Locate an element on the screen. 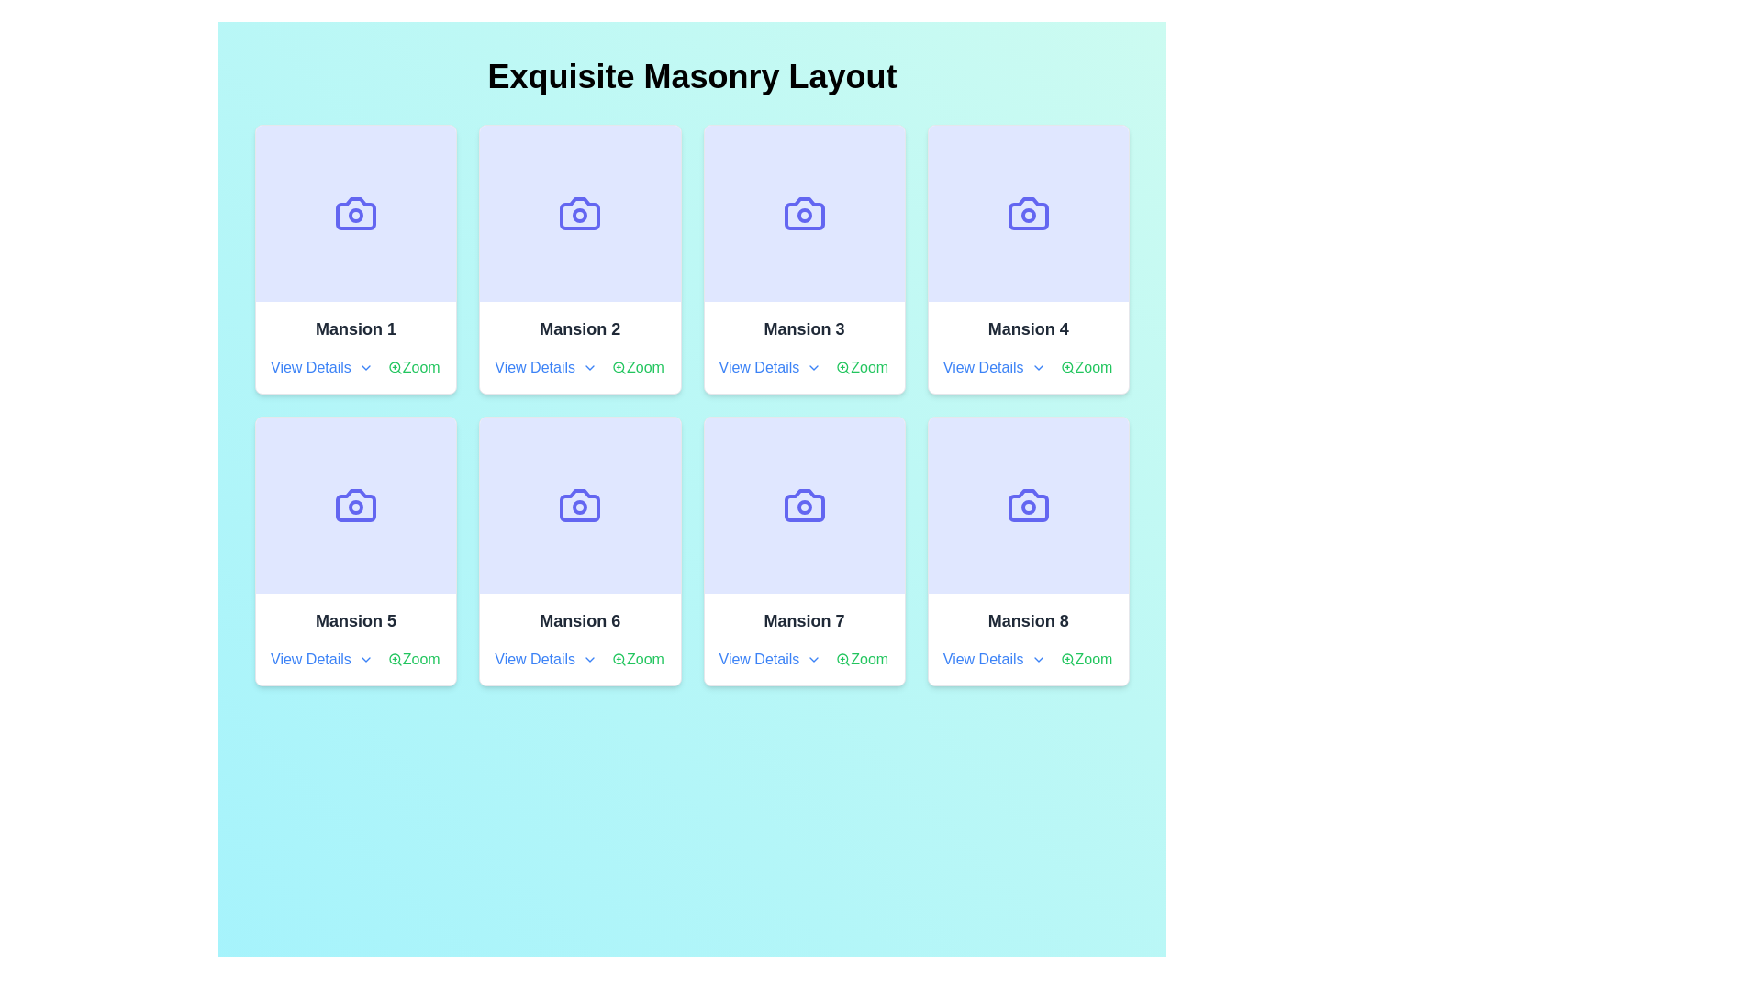  the small, downward-pointing chevron icon styled as an outline with rounded corners, located next to the text 'View Details' in the third card from the left in the top row of the grid layout is located at coordinates (813, 368).